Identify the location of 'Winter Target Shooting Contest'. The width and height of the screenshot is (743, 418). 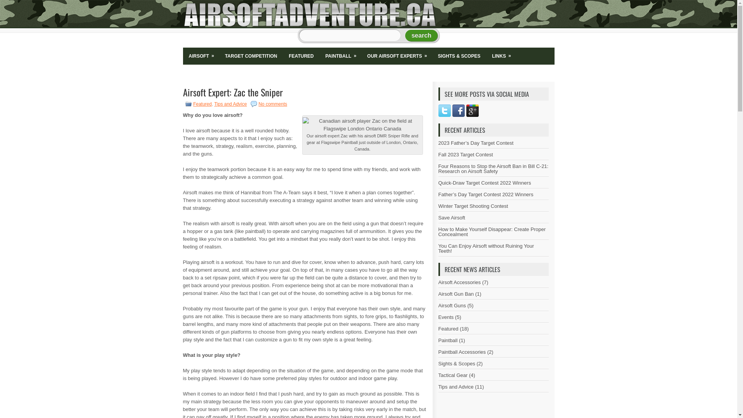
(473, 206).